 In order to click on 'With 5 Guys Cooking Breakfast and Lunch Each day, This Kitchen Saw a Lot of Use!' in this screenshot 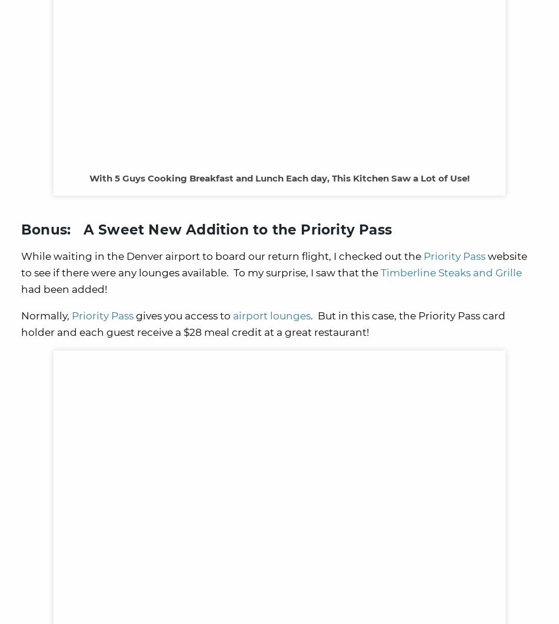, I will do `click(279, 178)`.